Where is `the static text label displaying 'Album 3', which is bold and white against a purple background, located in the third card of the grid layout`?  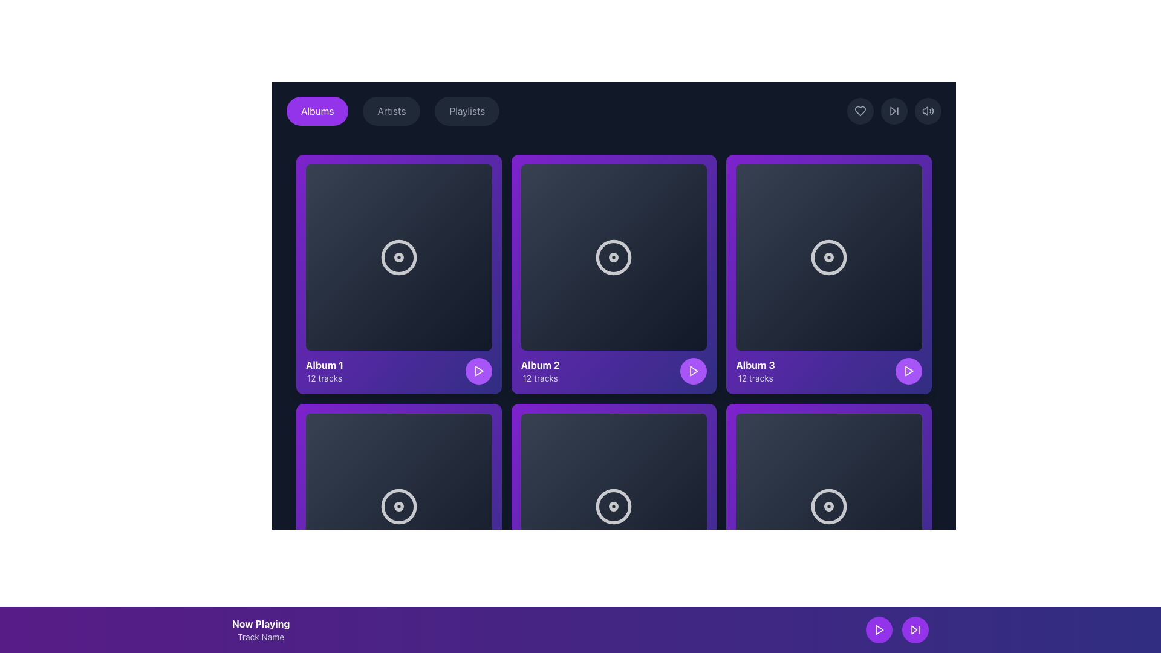 the static text label displaying 'Album 3', which is bold and white against a purple background, located in the third card of the grid layout is located at coordinates (755, 364).